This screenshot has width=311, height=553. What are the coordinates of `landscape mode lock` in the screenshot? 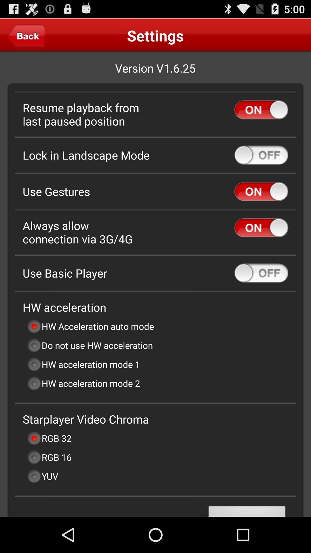 It's located at (261, 155).